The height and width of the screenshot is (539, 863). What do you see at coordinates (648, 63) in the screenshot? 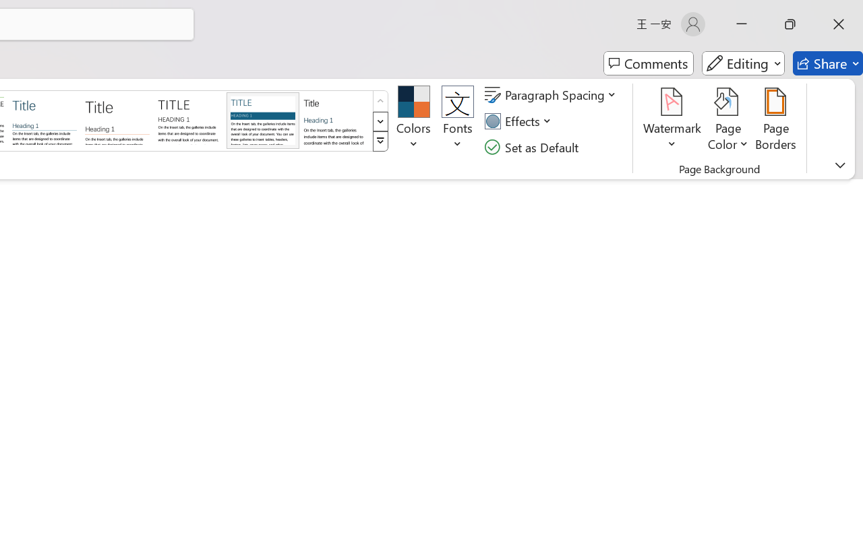
I see `'Comments'` at bounding box center [648, 63].